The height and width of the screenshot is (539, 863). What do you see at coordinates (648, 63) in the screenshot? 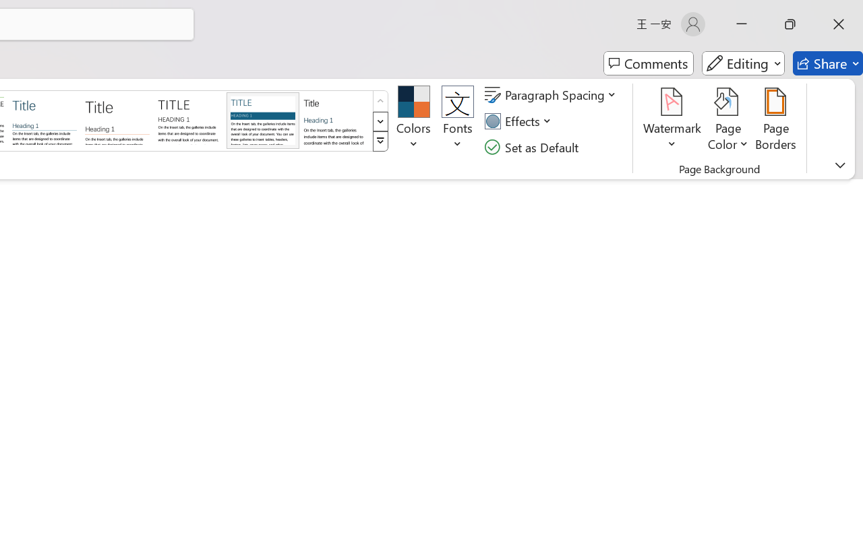
I see `'Comments'` at bounding box center [648, 63].